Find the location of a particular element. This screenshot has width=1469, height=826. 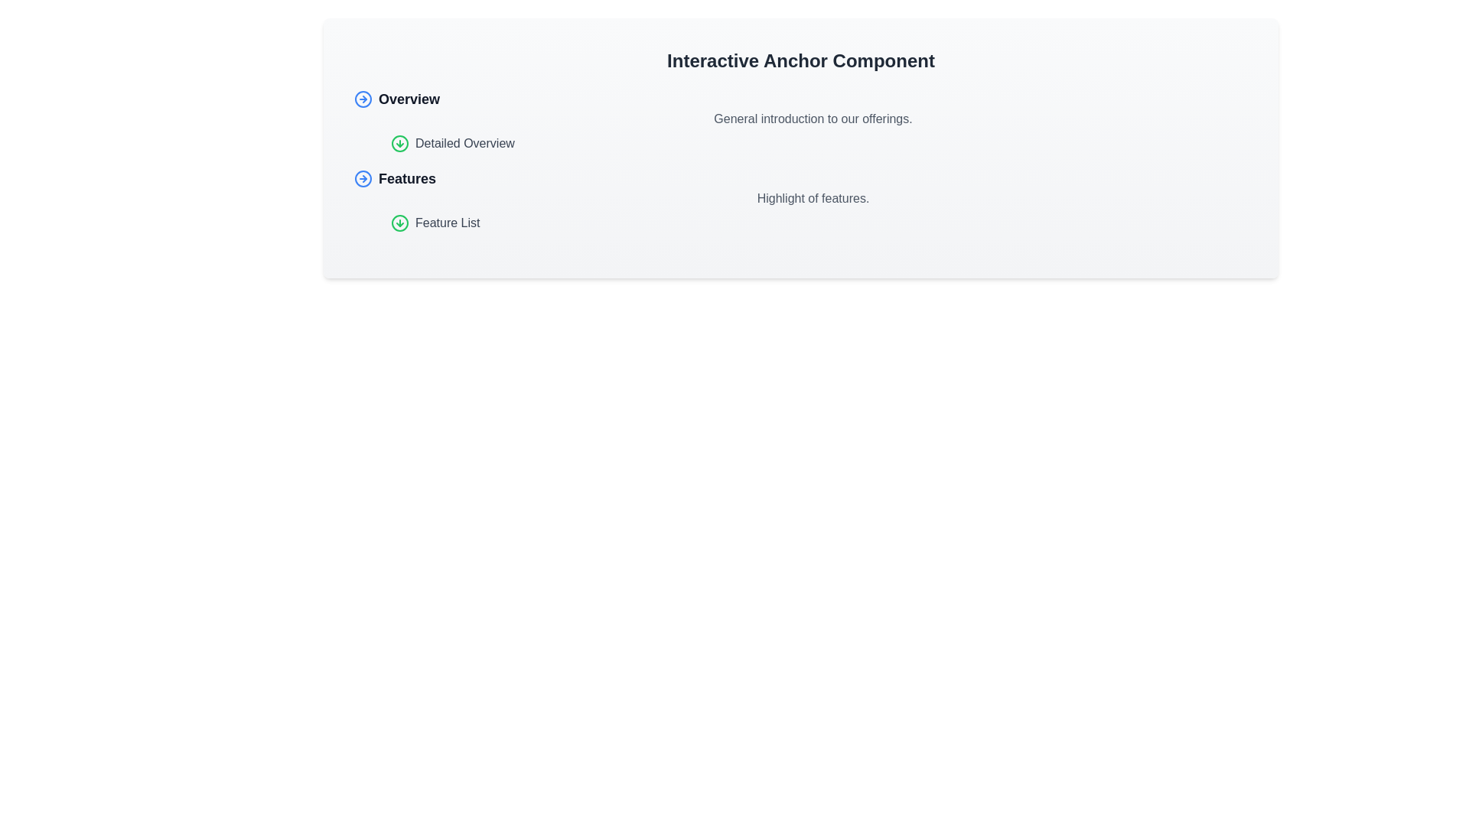

the static text located underneath the 'Overview' heading, which serves as an introductory description and is the second text content among its siblings is located at coordinates (812, 118).